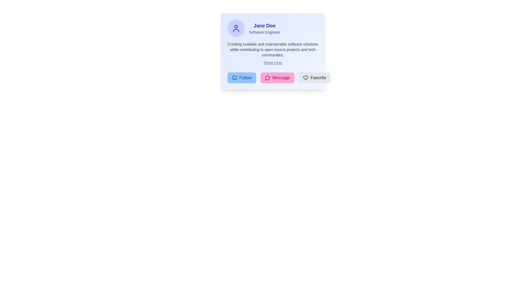 The image size is (520, 293). I want to click on text display component that serves as the primary identifier for a personal profile, located at the top left of the profile card, immediately to the right of the profile image icon, so click(265, 28).